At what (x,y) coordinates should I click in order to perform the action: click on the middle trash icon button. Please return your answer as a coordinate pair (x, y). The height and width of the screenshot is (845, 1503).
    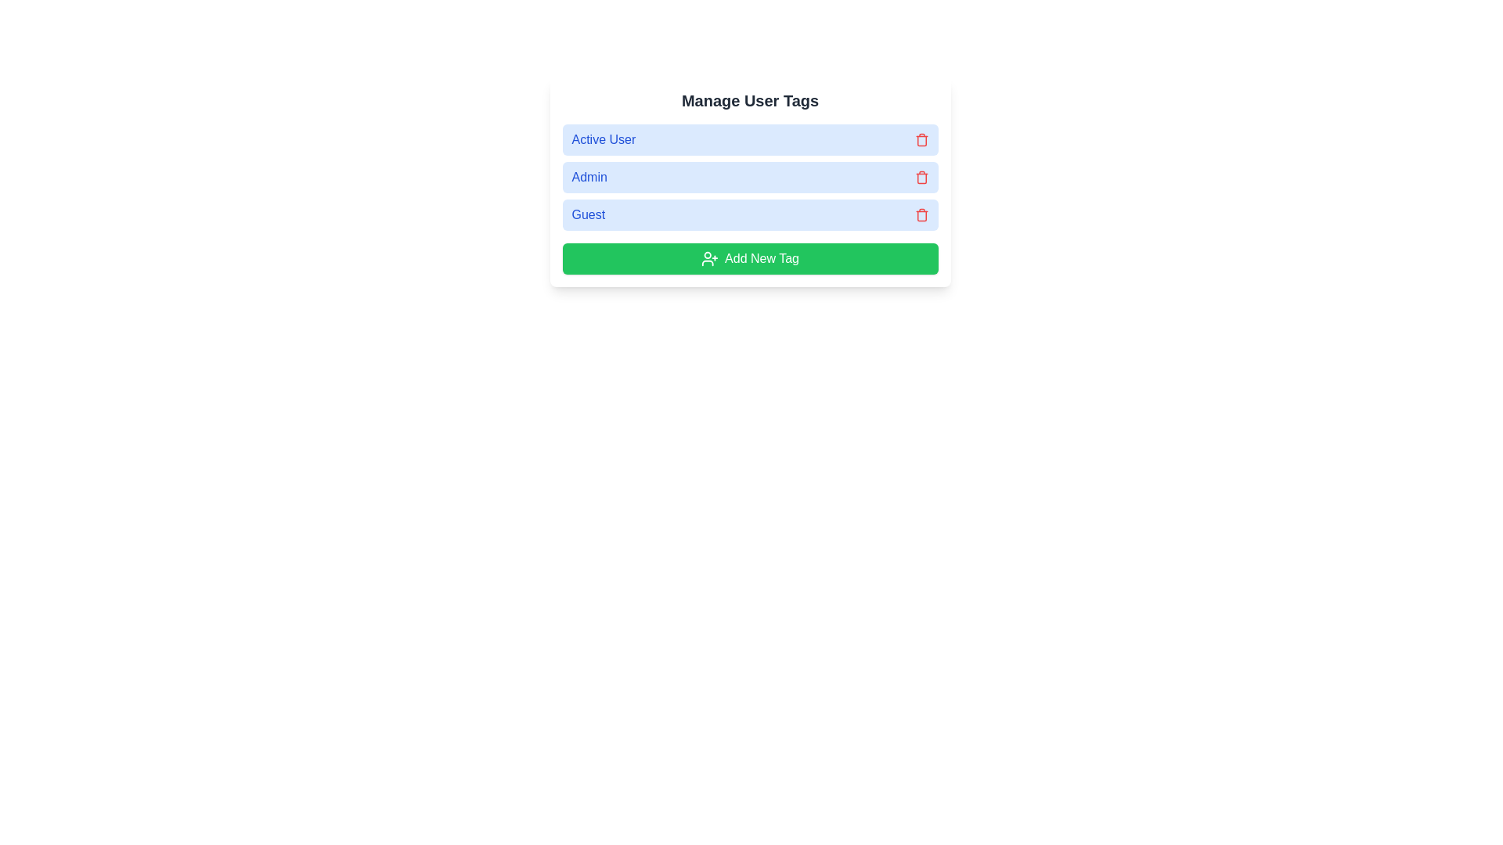
    Looking at the image, I should click on (921, 177).